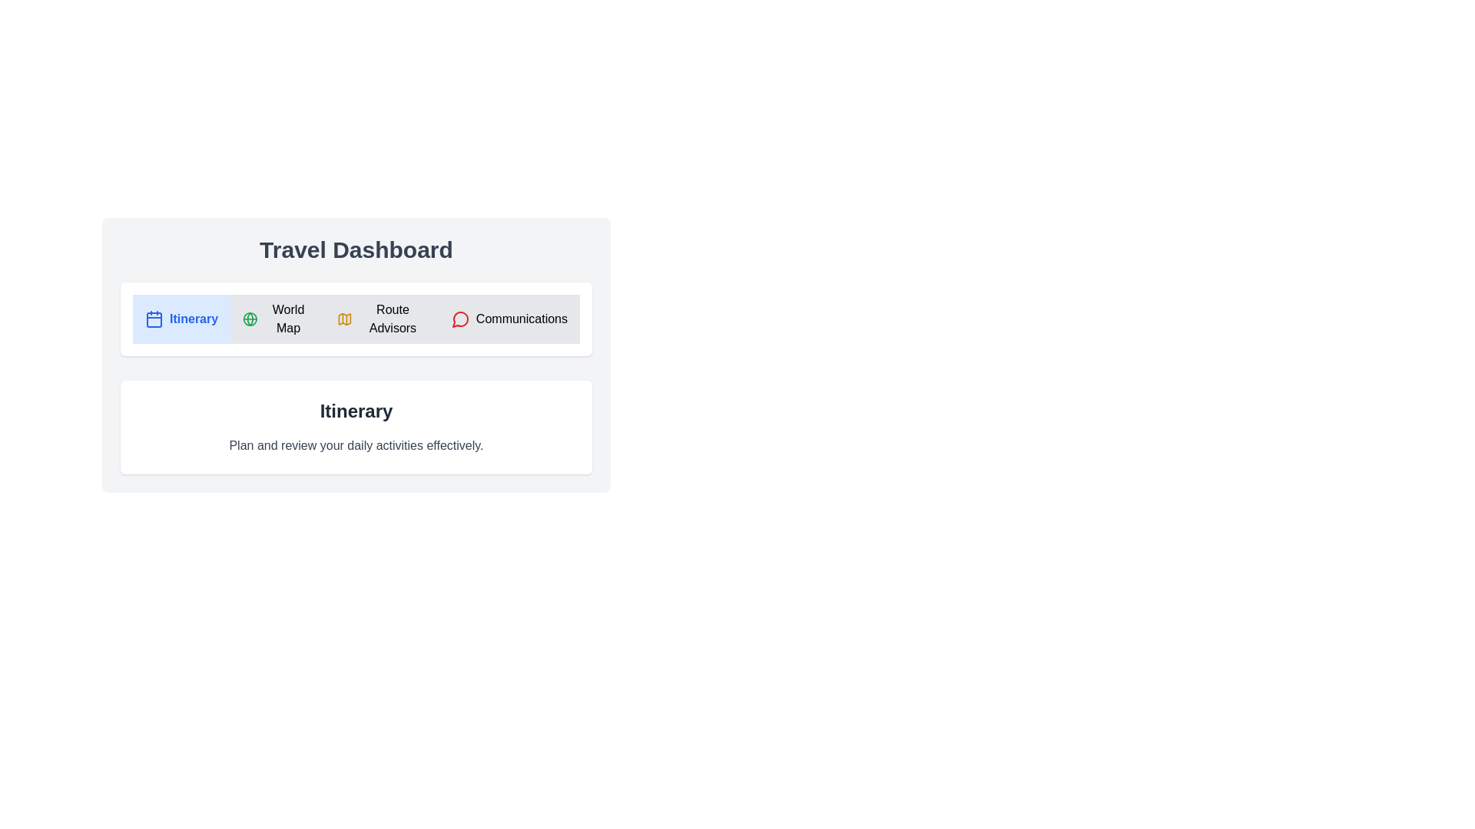 The width and height of the screenshot is (1475, 829). Describe the element at coordinates (277, 319) in the screenshot. I see `the tab titled World Map to switch to it` at that location.